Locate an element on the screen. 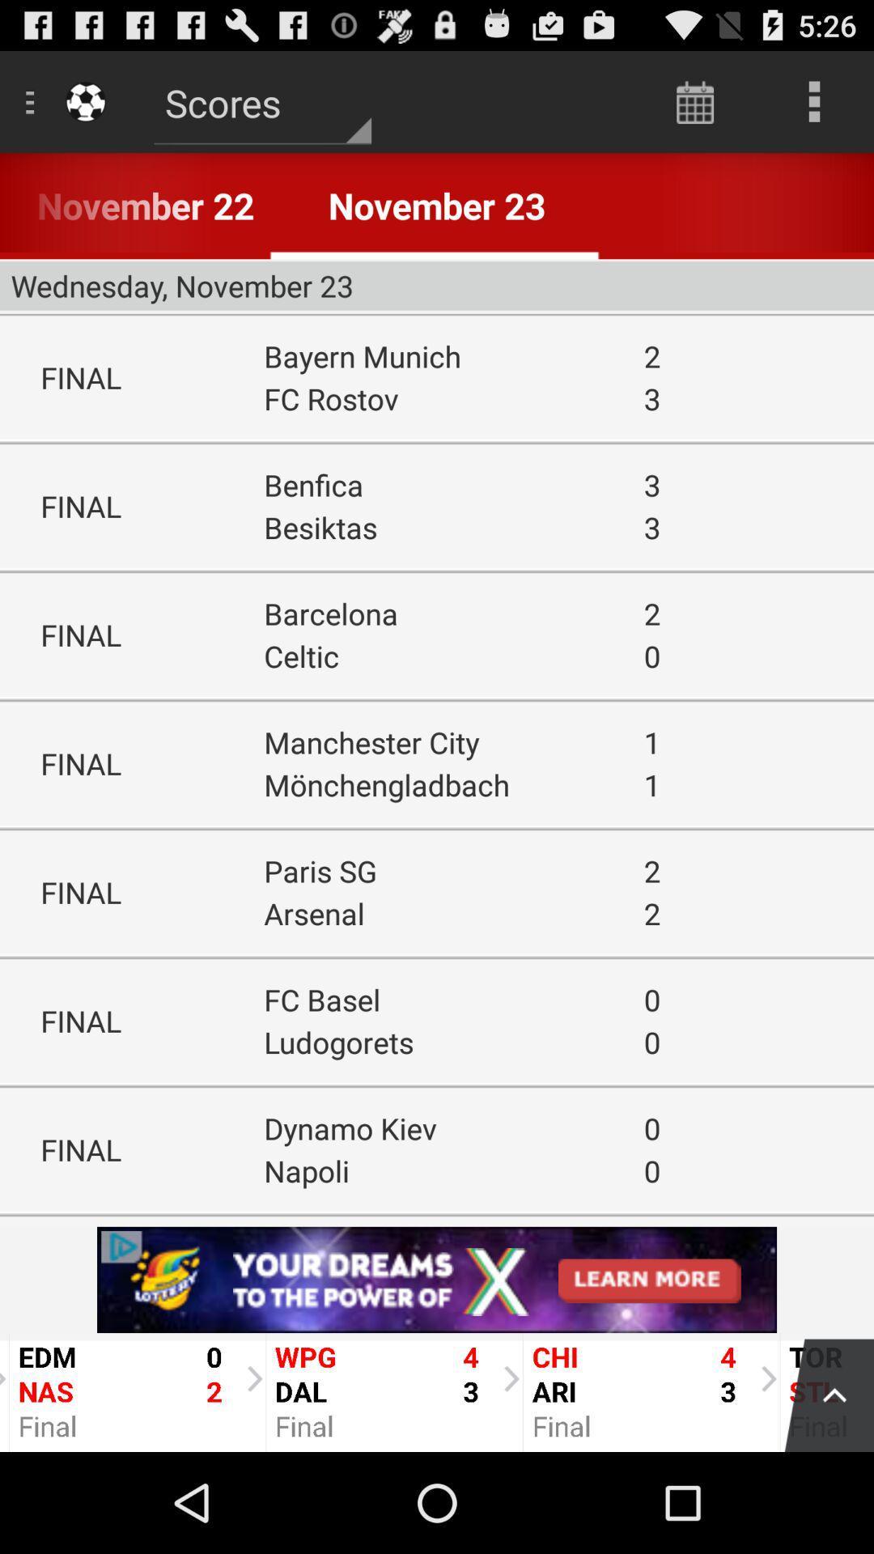 This screenshot has width=874, height=1554. advertisement banner is located at coordinates (437, 1279).